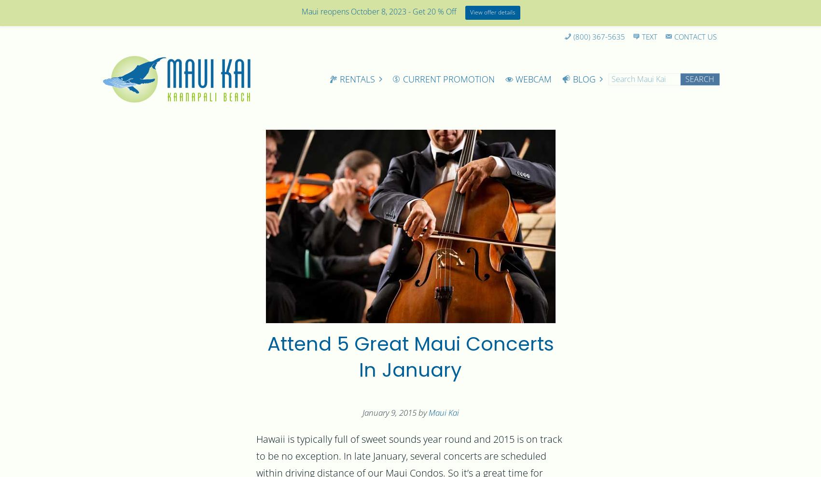 Image resolution: width=821 pixels, height=477 pixels. Describe the element at coordinates (389, 414) in the screenshot. I see `'January 9, 2015'` at that location.